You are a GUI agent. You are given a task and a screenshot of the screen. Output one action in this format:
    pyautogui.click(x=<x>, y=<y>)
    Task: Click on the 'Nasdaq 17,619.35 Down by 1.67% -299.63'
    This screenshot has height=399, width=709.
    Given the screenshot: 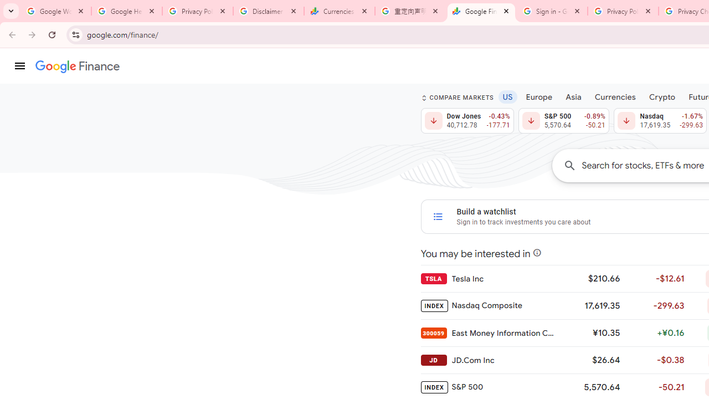 What is the action you would take?
    pyautogui.click(x=660, y=121)
    